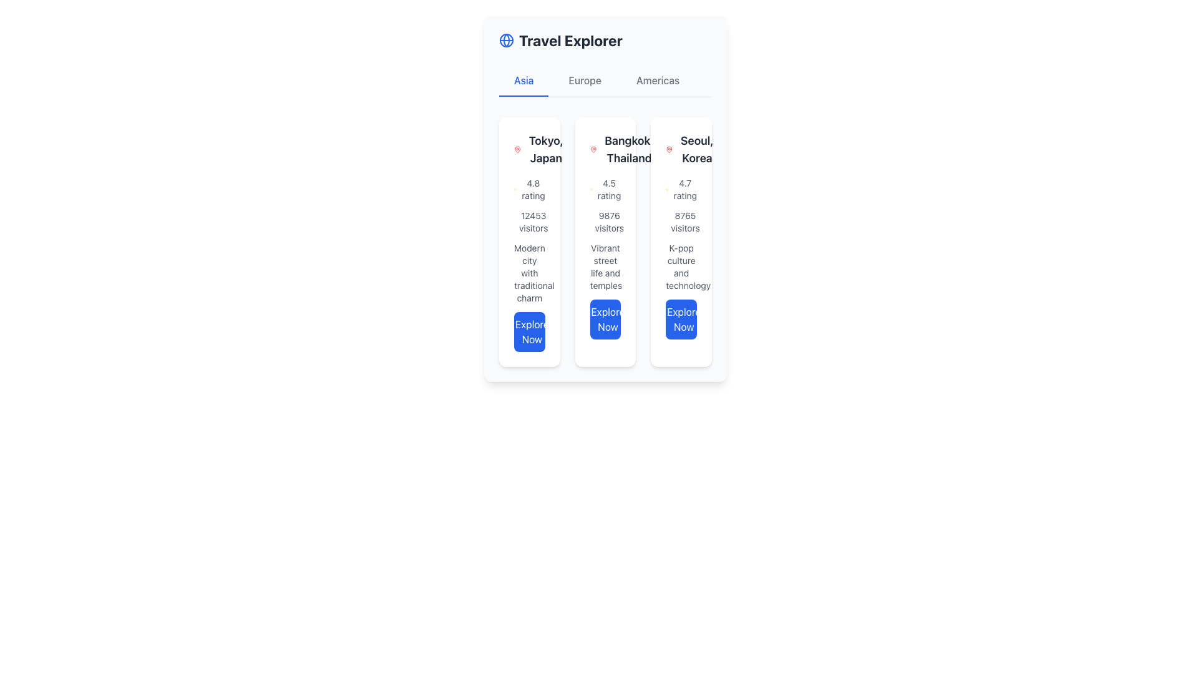 The height and width of the screenshot is (674, 1198). Describe the element at coordinates (657, 81) in the screenshot. I see `the 'Americas' text link in the navigation bar` at that location.